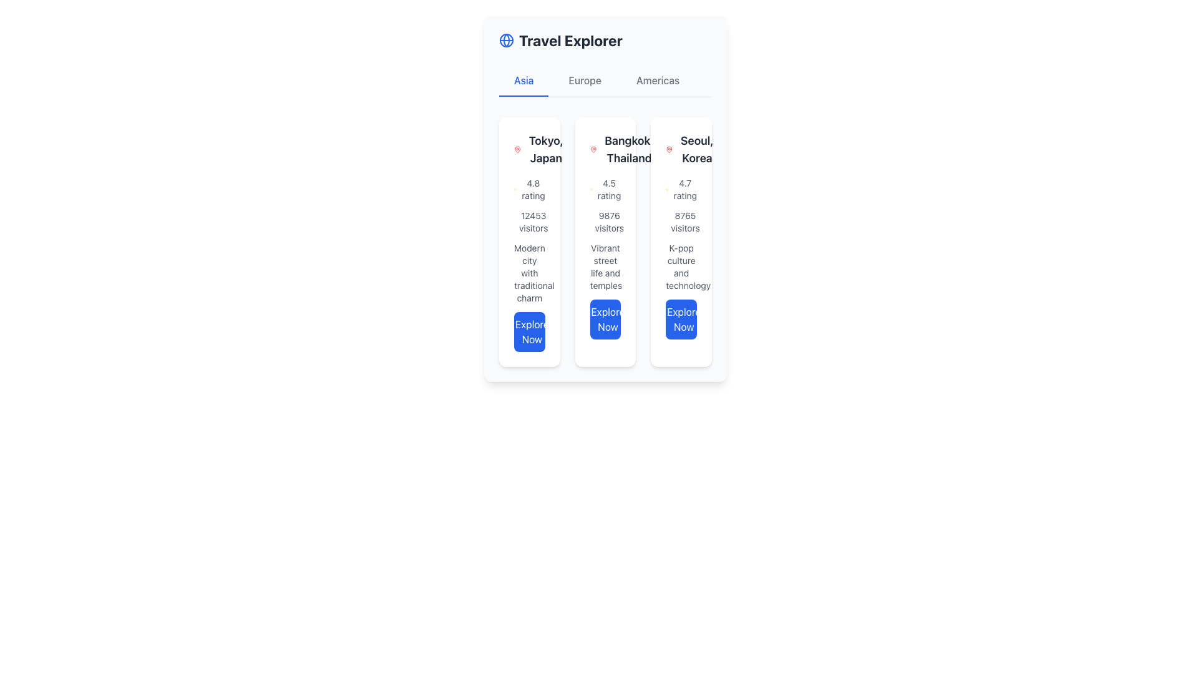 The height and width of the screenshot is (674, 1198). Describe the element at coordinates (657, 81) in the screenshot. I see `the 'Americas' text link in the navigation bar` at that location.